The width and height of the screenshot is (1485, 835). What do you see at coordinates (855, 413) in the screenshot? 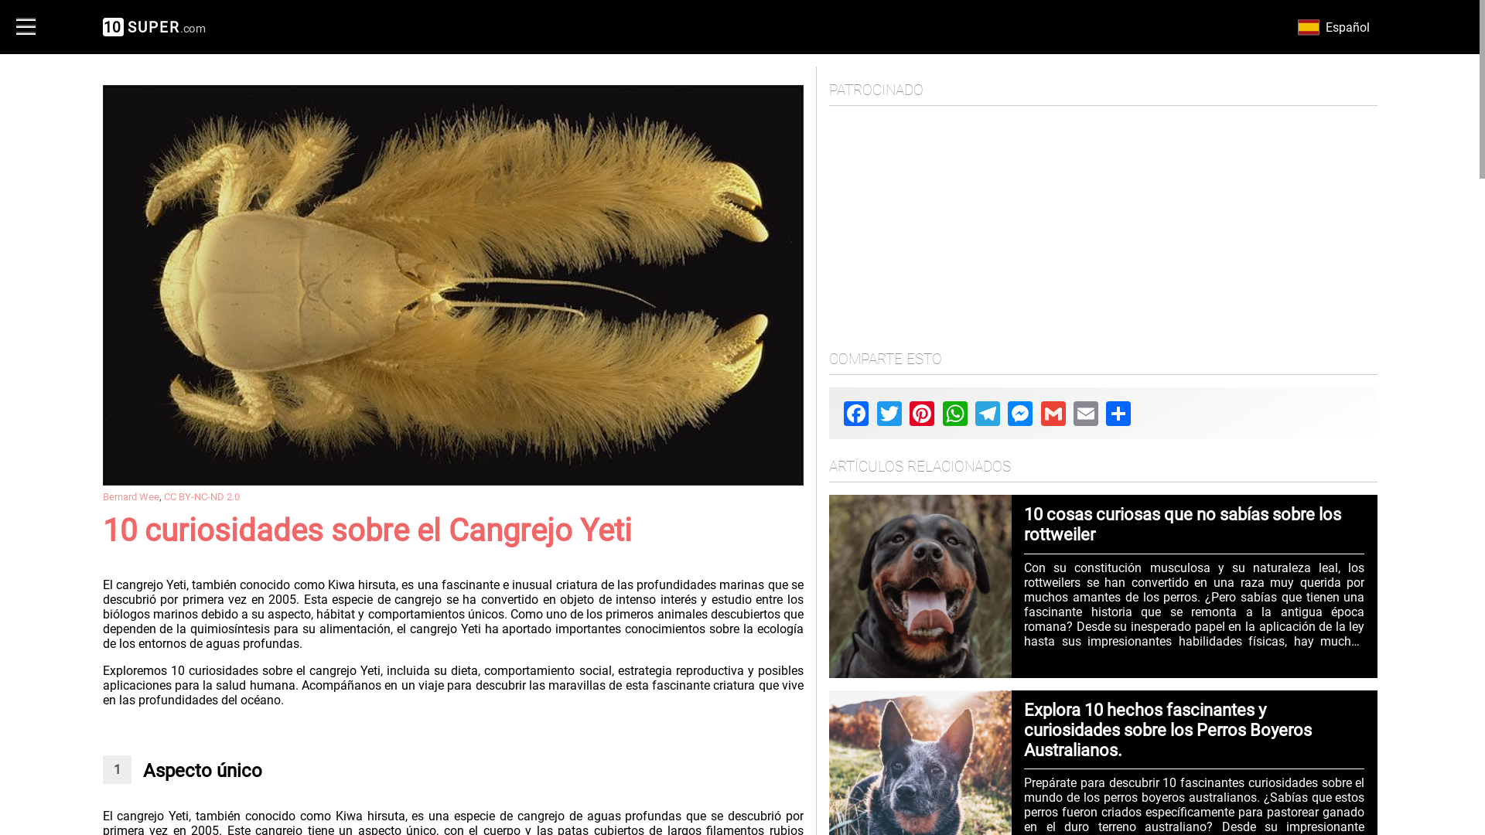
I see `'Facebook'` at bounding box center [855, 413].